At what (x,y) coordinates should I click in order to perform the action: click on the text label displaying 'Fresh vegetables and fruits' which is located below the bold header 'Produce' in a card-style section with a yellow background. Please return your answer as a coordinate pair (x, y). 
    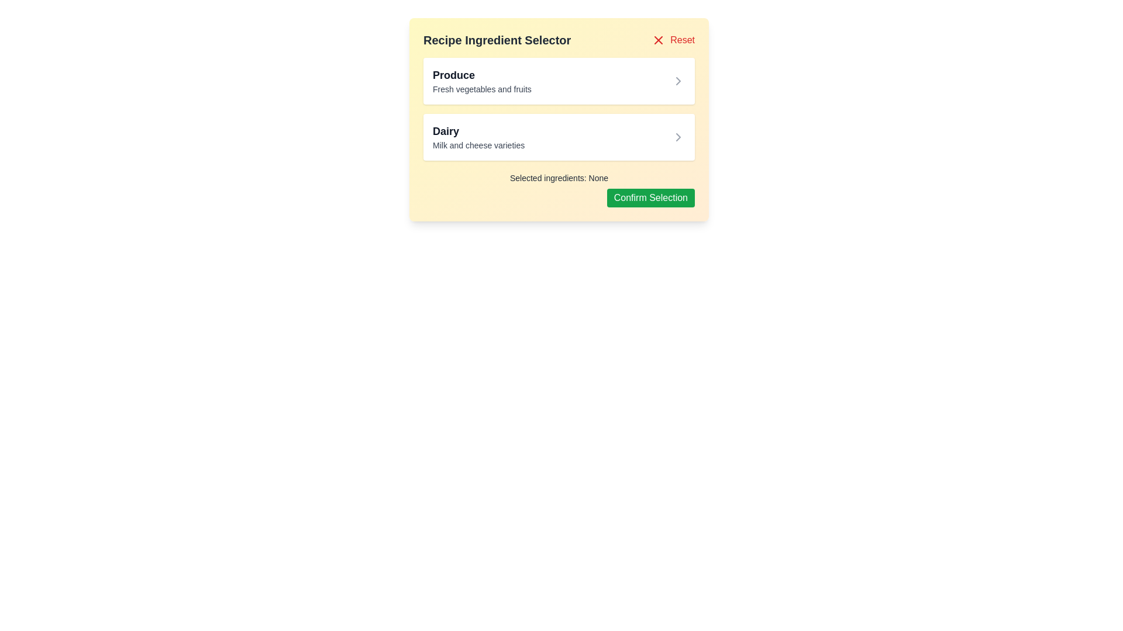
    Looking at the image, I should click on (482, 89).